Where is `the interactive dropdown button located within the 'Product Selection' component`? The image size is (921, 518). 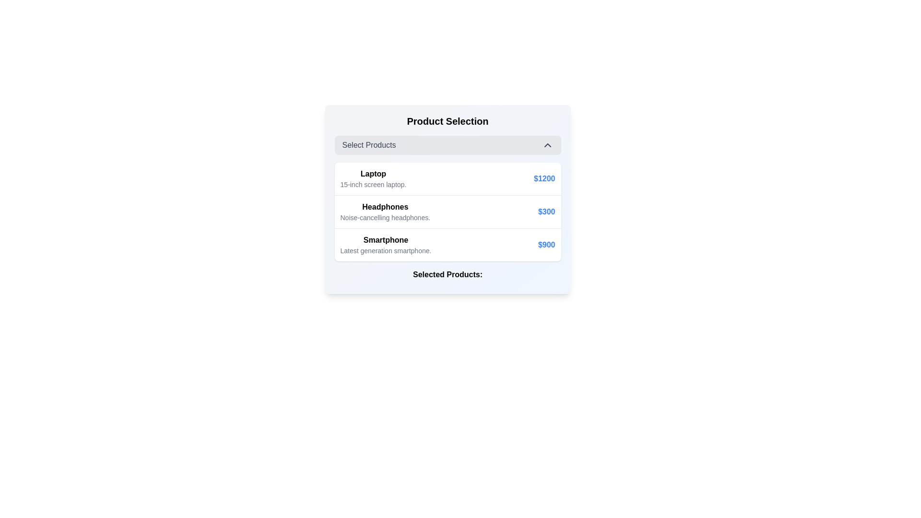 the interactive dropdown button located within the 'Product Selection' component is located at coordinates (447, 145).